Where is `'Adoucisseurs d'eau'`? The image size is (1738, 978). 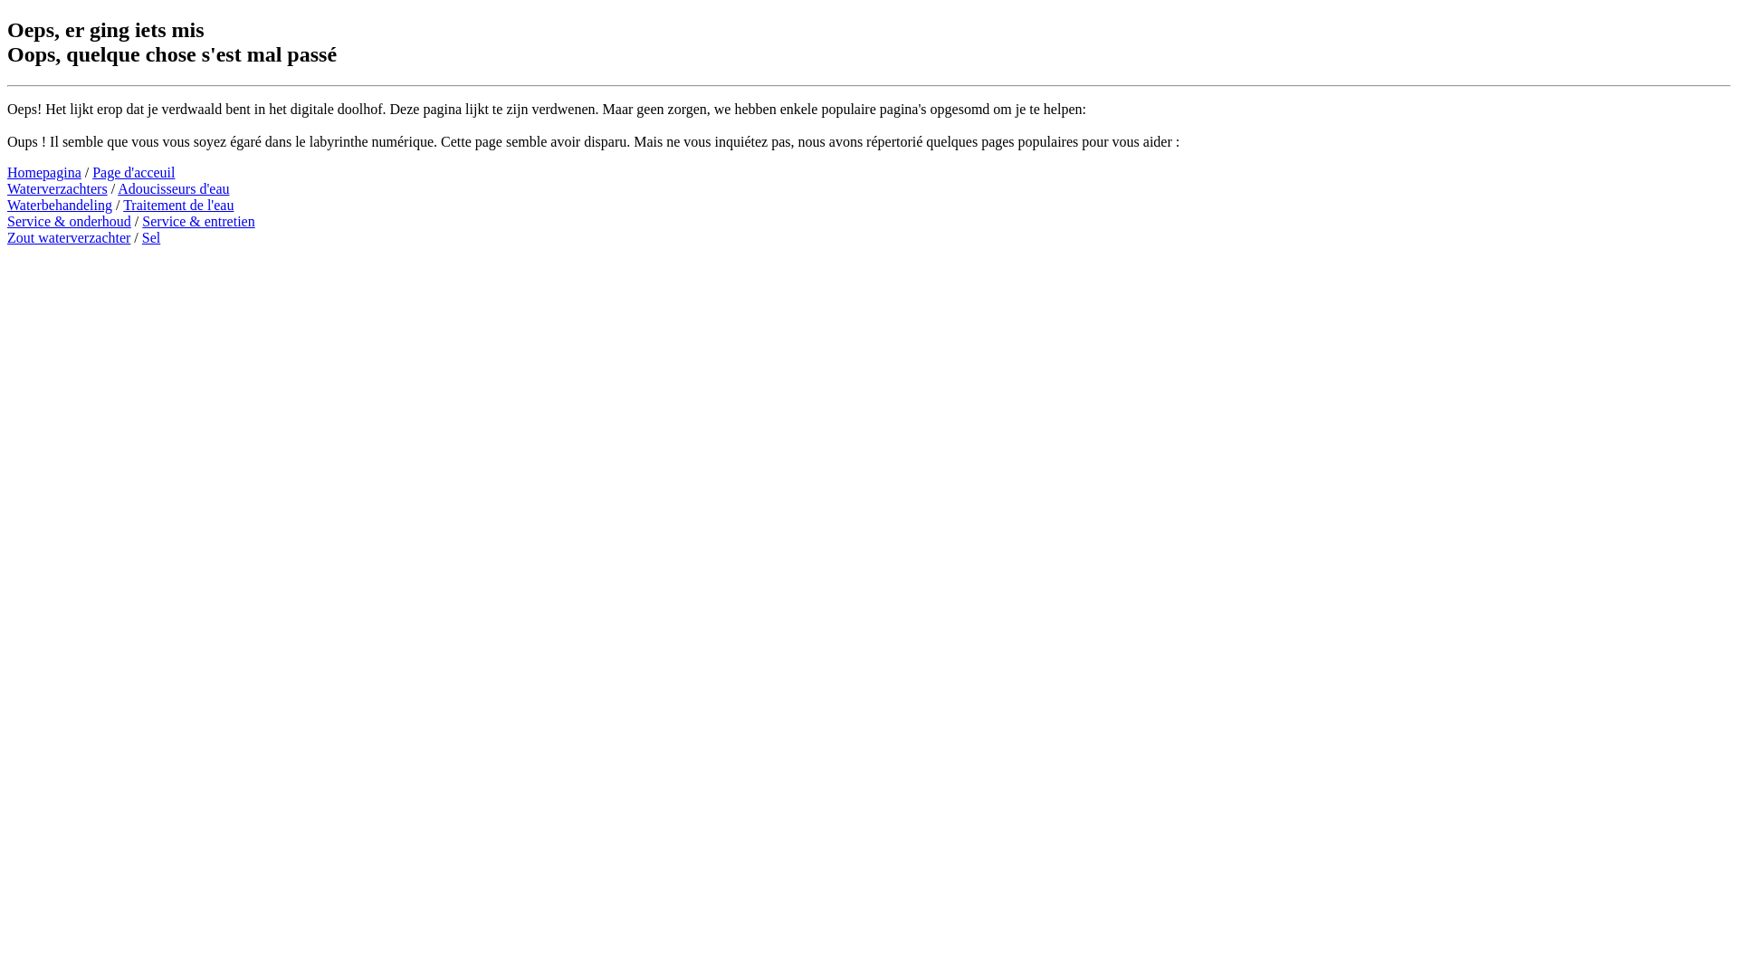 'Adoucisseurs d'eau' is located at coordinates (173, 188).